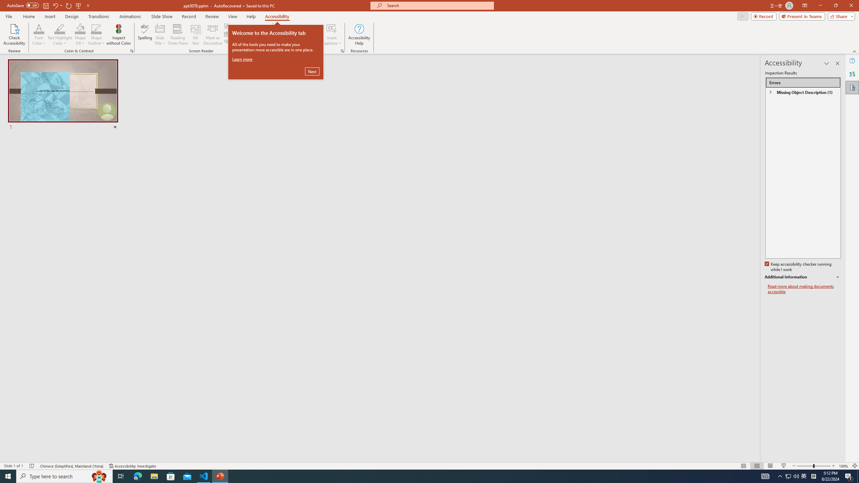 Image resolution: width=859 pixels, height=483 pixels. I want to click on 'Shape Fill', so click(80, 28).